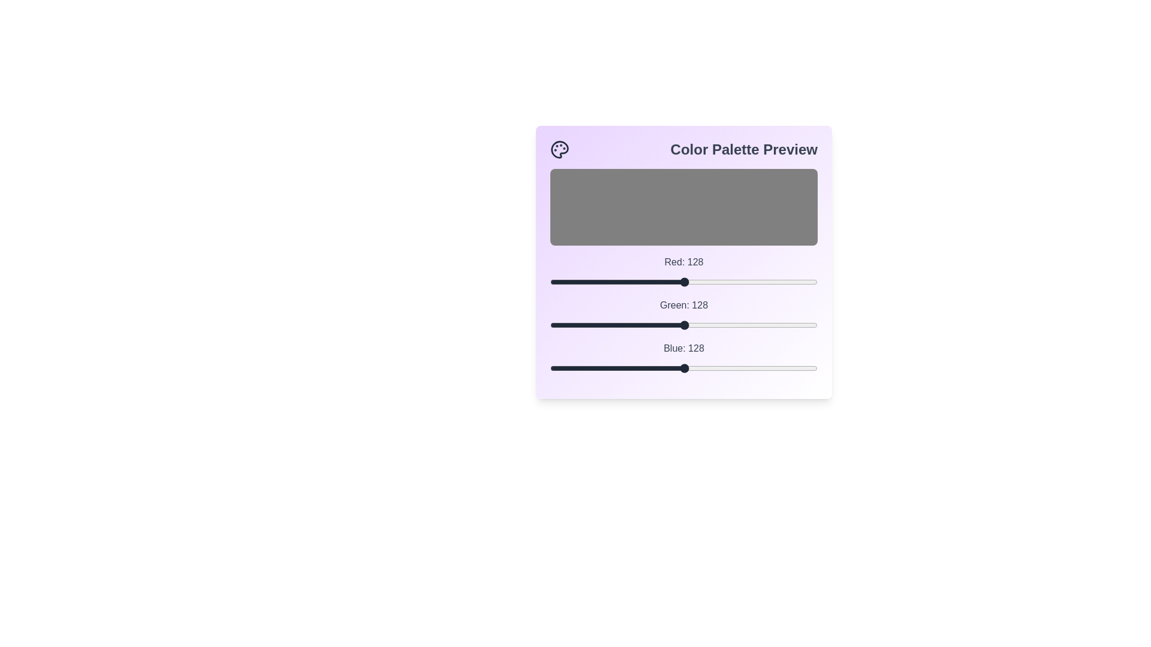 The height and width of the screenshot is (647, 1151). I want to click on the blue color value, so click(570, 367).